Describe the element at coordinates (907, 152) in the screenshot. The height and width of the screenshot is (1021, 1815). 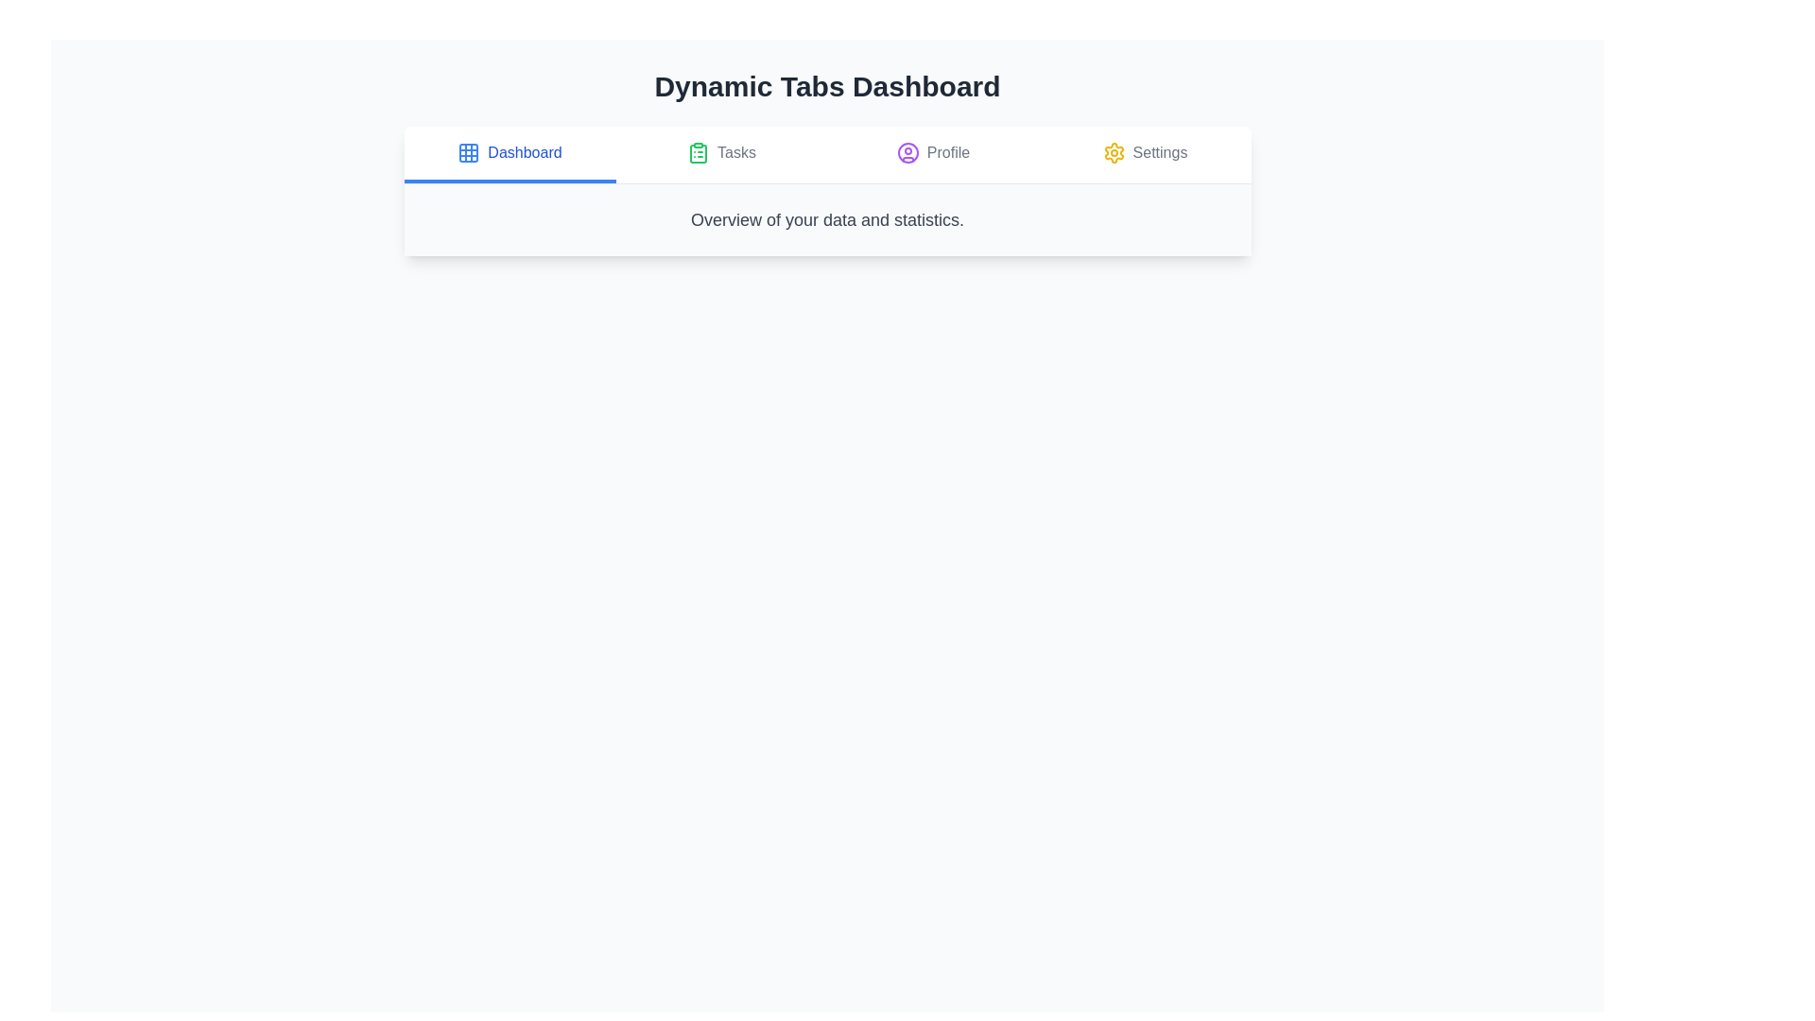
I see `the largest circular shape in the center of the purple user profile icon, located just right of the 'Profile' text in the main navigation bar` at that location.